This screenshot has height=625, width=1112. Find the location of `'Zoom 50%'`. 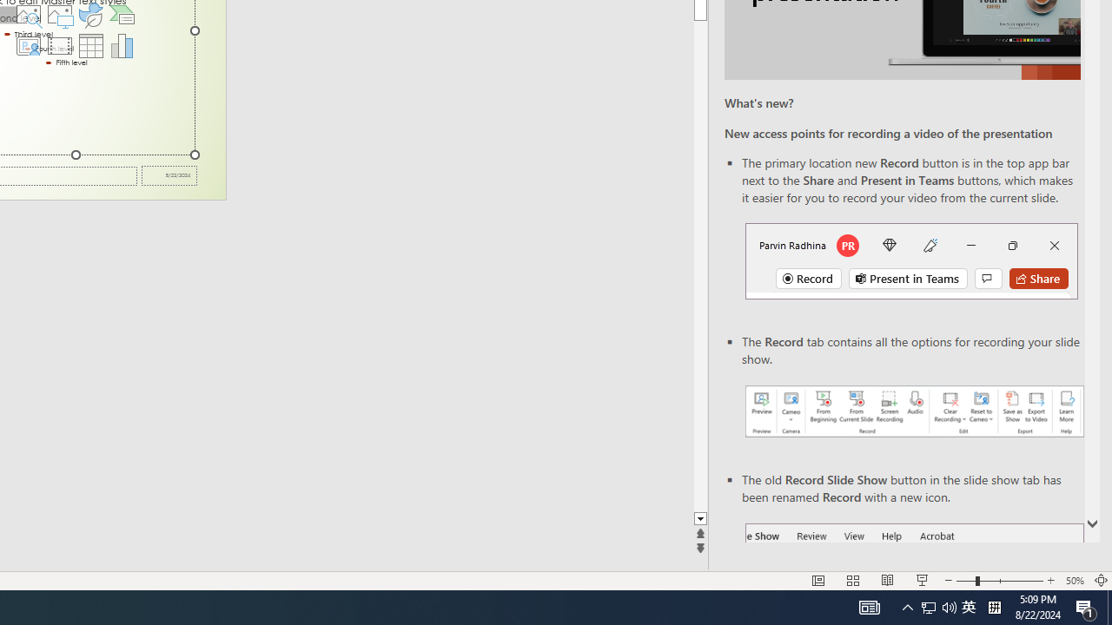

'Zoom 50%' is located at coordinates (1074, 581).